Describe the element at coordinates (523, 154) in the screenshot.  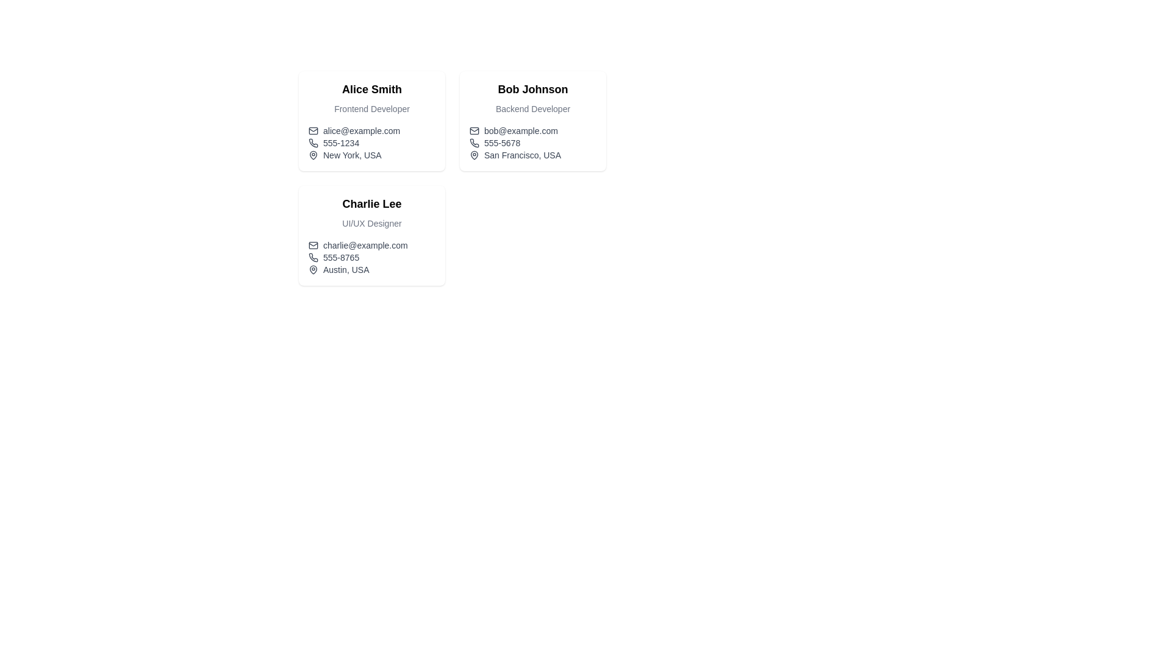
I see `the geographical location text label for 'Bob Johnson', which displays 'San Francisco, USA', located at the bottom of the information card` at that location.